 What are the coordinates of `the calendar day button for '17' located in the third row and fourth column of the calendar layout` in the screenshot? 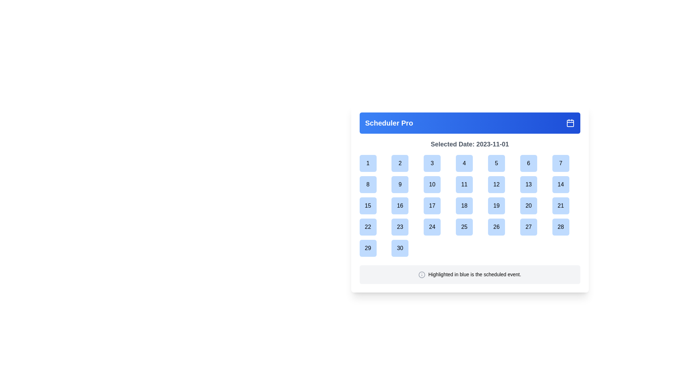 It's located at (432, 206).